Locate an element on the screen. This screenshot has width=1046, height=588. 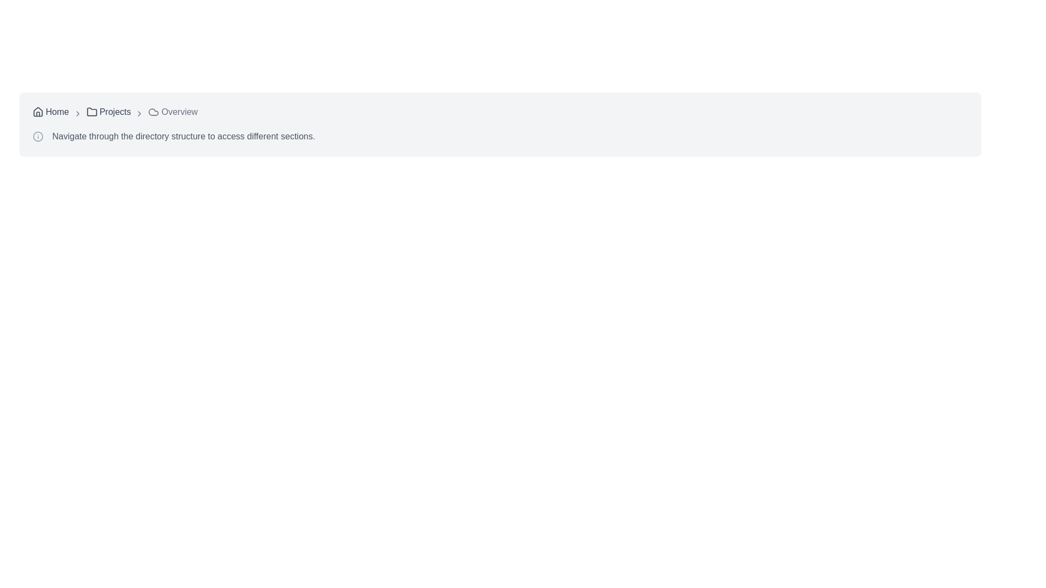
the second rightward-pointing arrow icon in the breadcrumb navigation bar, located between 'Projects' and 'Overview' is located at coordinates (139, 113).